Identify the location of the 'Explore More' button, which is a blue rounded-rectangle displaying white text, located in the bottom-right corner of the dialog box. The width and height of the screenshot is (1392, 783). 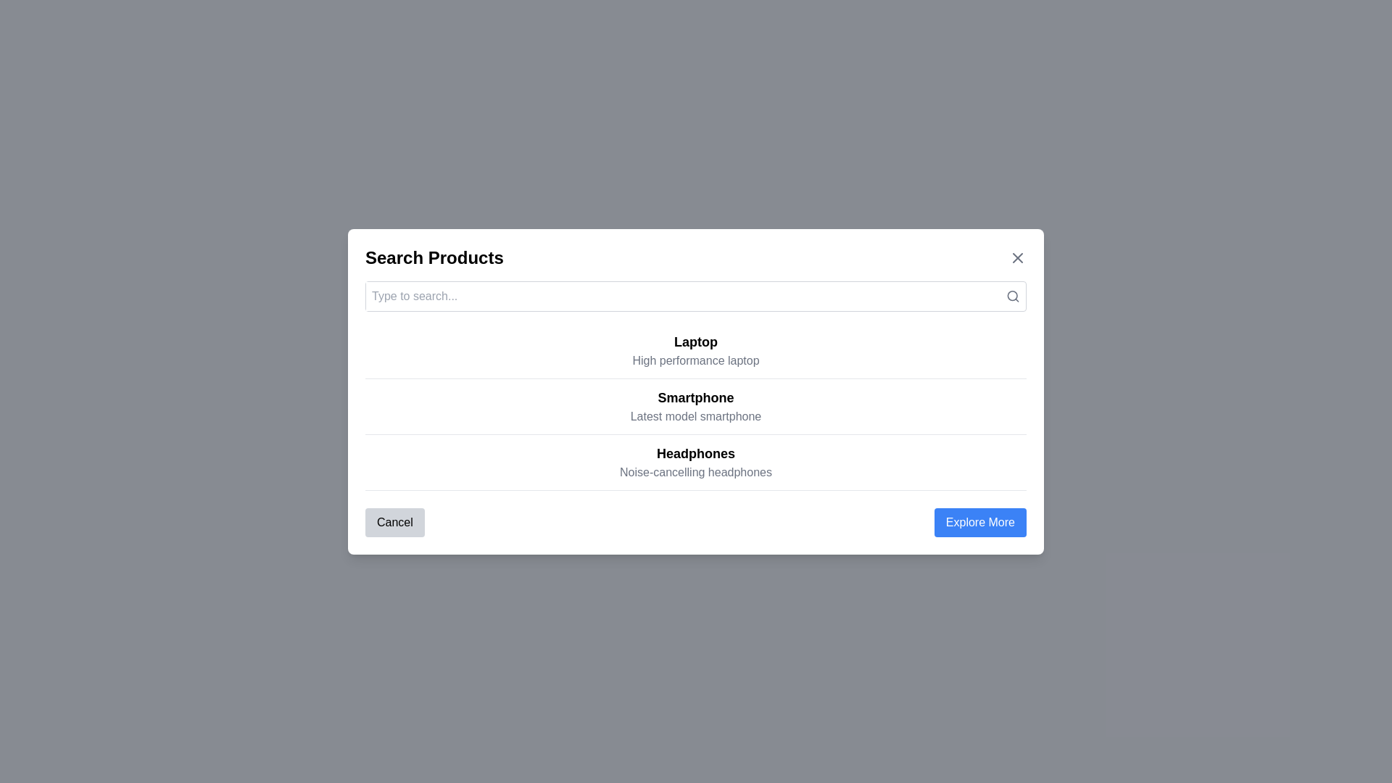
(980, 522).